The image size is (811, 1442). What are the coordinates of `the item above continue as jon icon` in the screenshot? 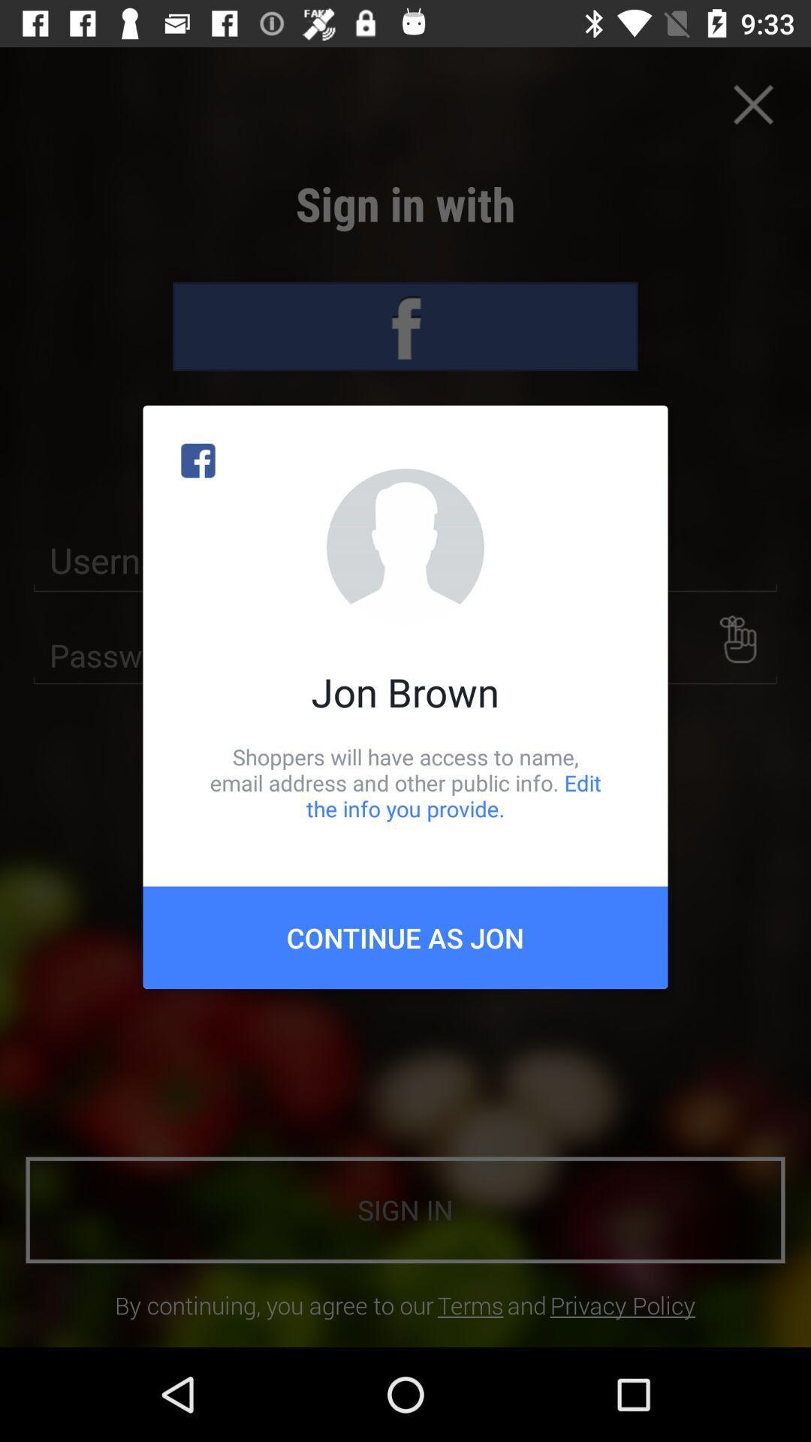 It's located at (405, 782).